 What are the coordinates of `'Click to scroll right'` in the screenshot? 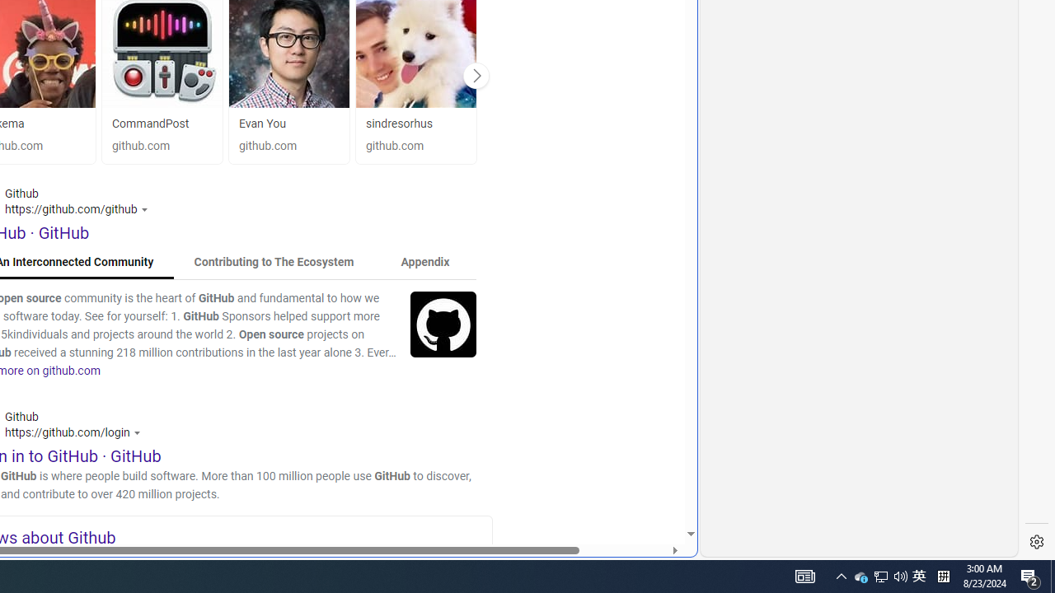 It's located at (475, 75).